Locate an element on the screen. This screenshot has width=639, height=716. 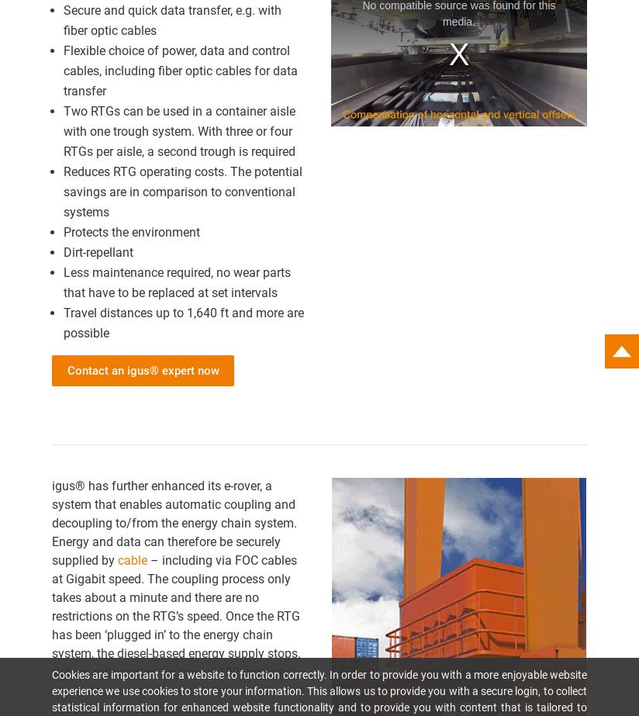
'cable' is located at coordinates (131, 559).